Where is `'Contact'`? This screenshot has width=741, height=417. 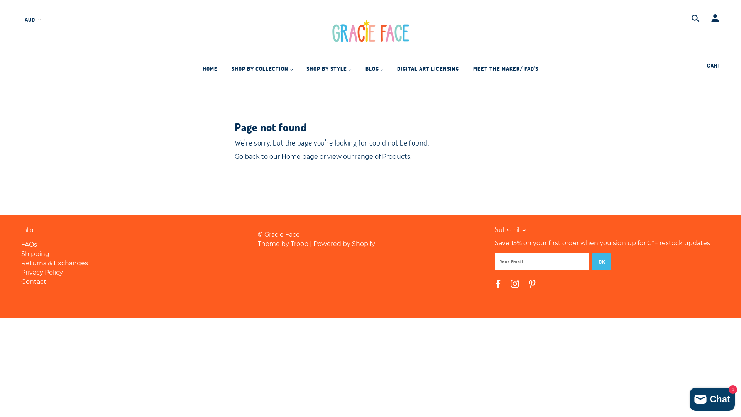 'Contact' is located at coordinates (21, 281).